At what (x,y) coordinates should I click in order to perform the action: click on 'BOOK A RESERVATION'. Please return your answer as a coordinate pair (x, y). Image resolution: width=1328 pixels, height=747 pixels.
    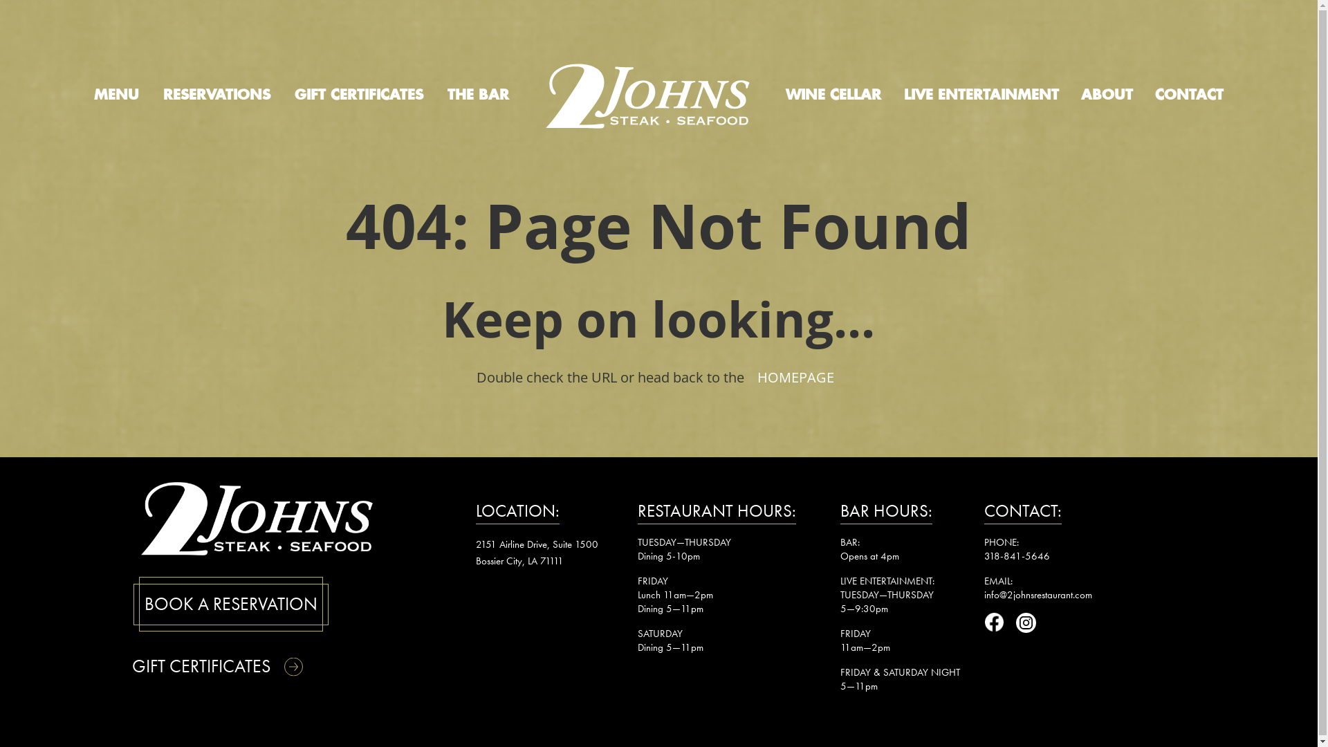
    Looking at the image, I should click on (231, 603).